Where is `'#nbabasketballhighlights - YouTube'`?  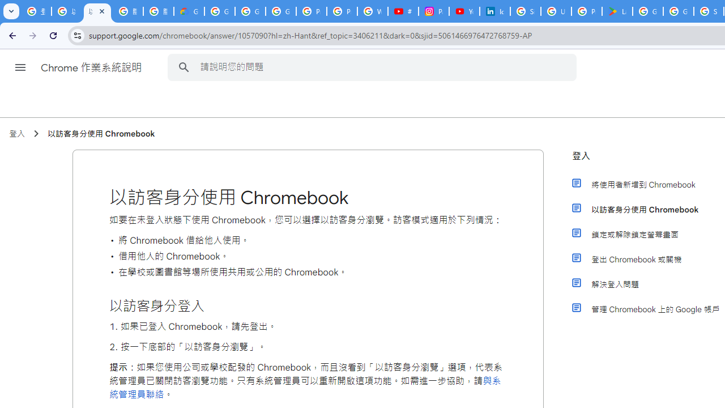 '#nbabasketballhighlights - YouTube' is located at coordinates (403, 11).